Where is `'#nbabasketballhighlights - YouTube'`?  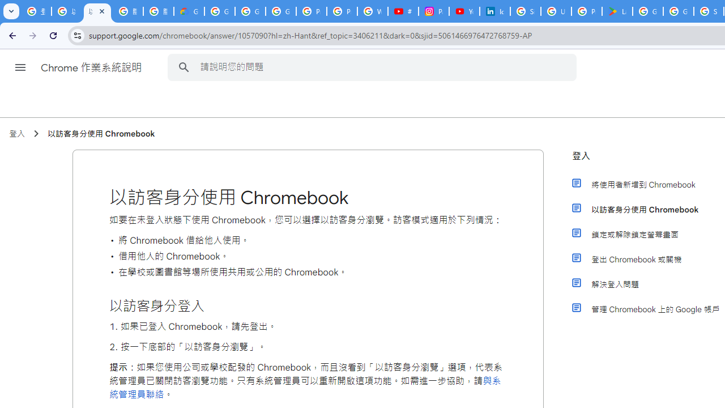 '#nbabasketballhighlights - YouTube' is located at coordinates (403, 11).